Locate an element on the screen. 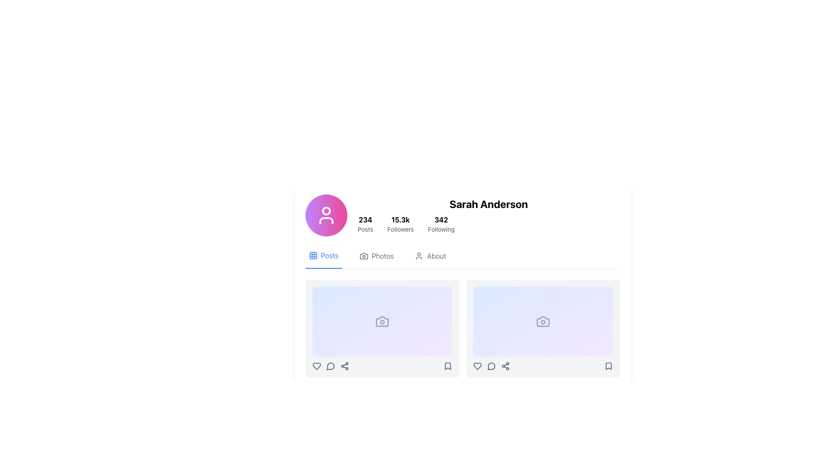 This screenshot has width=839, height=472. the camera icon representing the 'Photos' section, which is the leftmost element in the menu bar containing 'Posts,' 'Photos,' and 'About.' is located at coordinates (364, 256).